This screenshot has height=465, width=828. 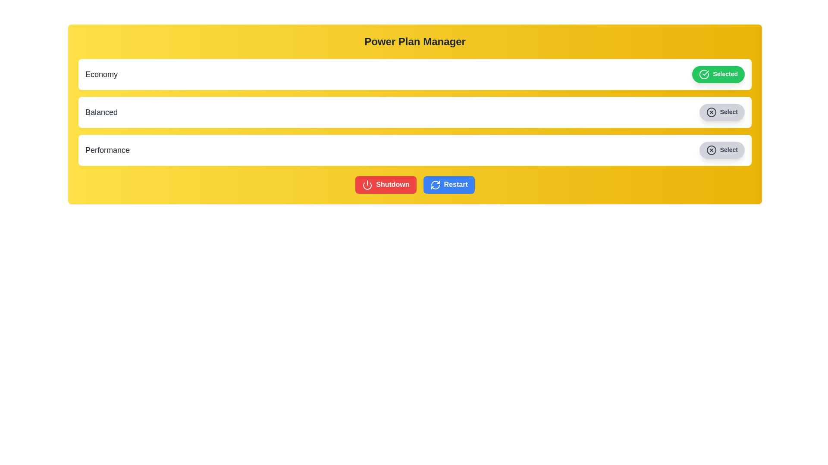 I want to click on the 'Restart' button, so click(x=448, y=184).